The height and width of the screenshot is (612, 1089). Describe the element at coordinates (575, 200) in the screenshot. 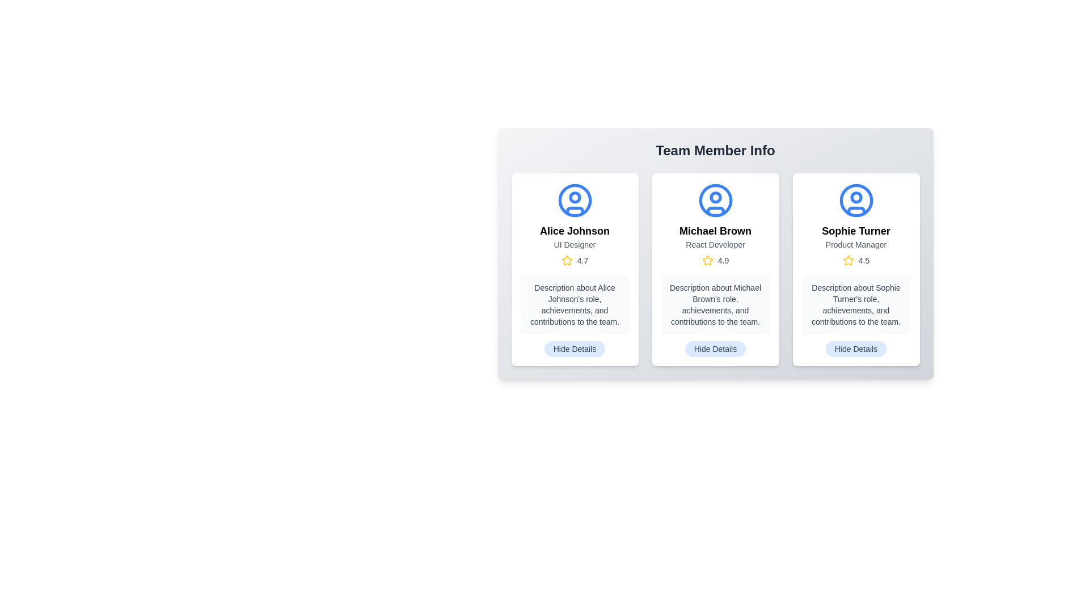

I see `the circular avatar icon representing Alice Johnson, which is located at the top part of her profile card, featuring a blue outline and modern design` at that location.